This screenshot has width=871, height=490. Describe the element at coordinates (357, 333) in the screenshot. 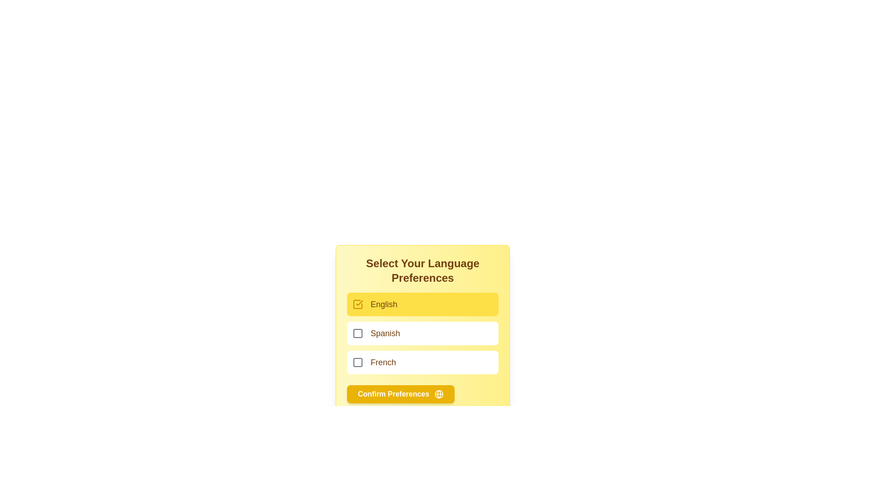

I see `the checkbox for the Spanish language option, which is a square icon with rounded corners and a gray border, located` at that location.